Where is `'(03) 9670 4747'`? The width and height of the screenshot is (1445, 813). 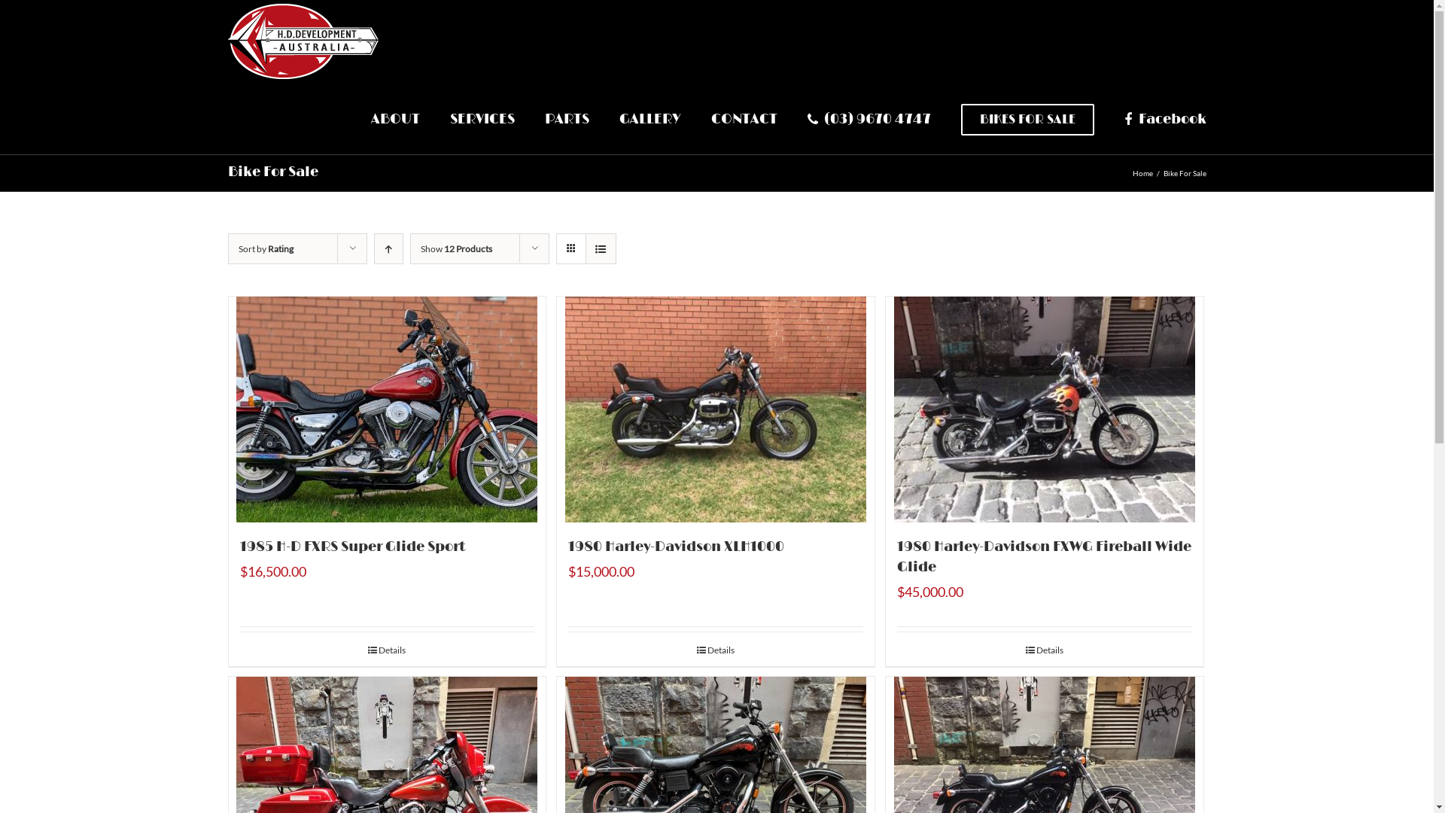 '(03) 9670 4747' is located at coordinates (869, 117).